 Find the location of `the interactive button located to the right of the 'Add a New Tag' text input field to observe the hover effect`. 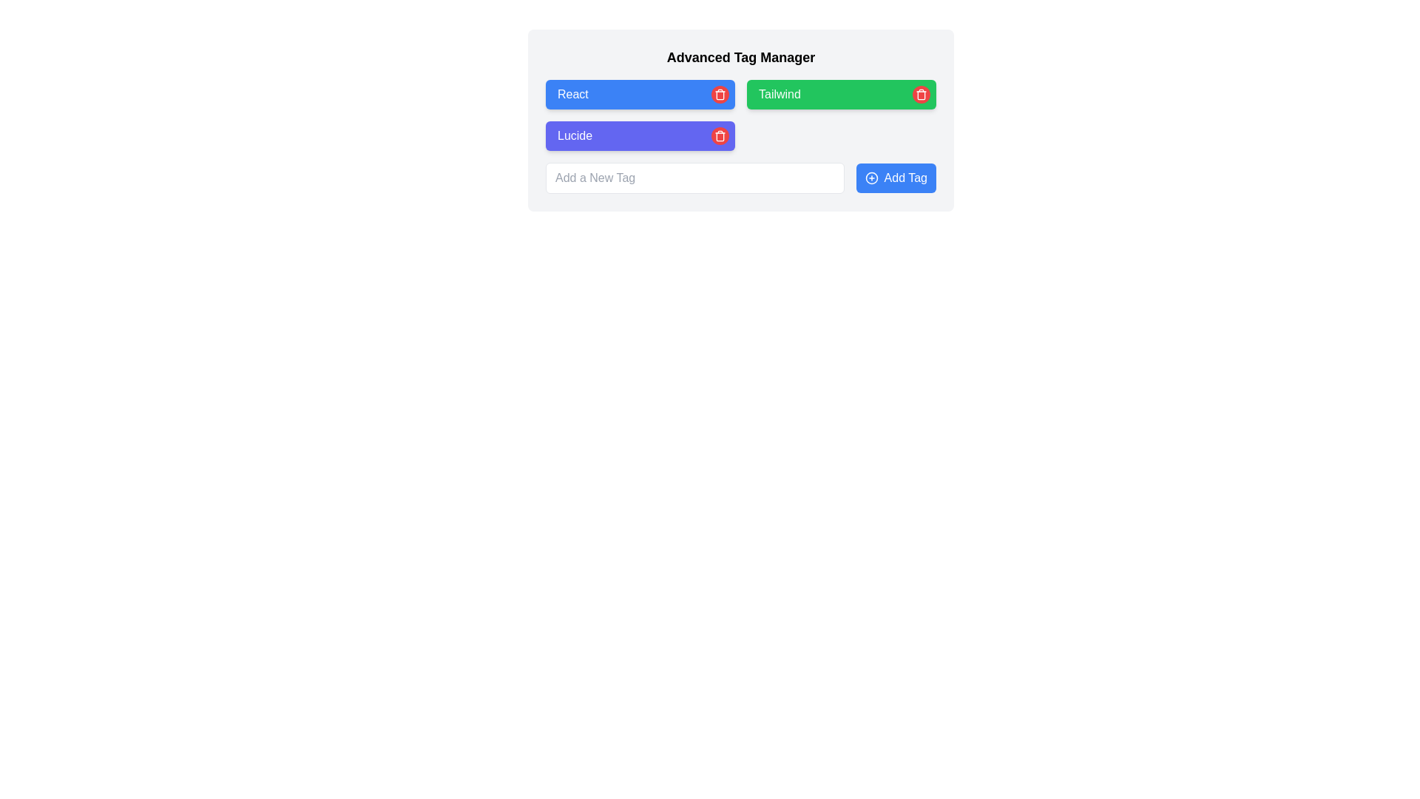

the interactive button located to the right of the 'Add a New Tag' text input field to observe the hover effect is located at coordinates (895, 177).